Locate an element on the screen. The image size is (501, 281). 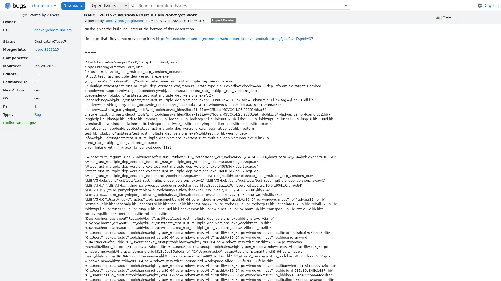
Search options is located at coordinates (346, 5).